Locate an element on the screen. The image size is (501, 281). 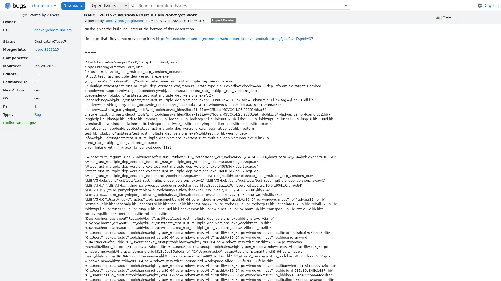
Search options is located at coordinates (346, 5).